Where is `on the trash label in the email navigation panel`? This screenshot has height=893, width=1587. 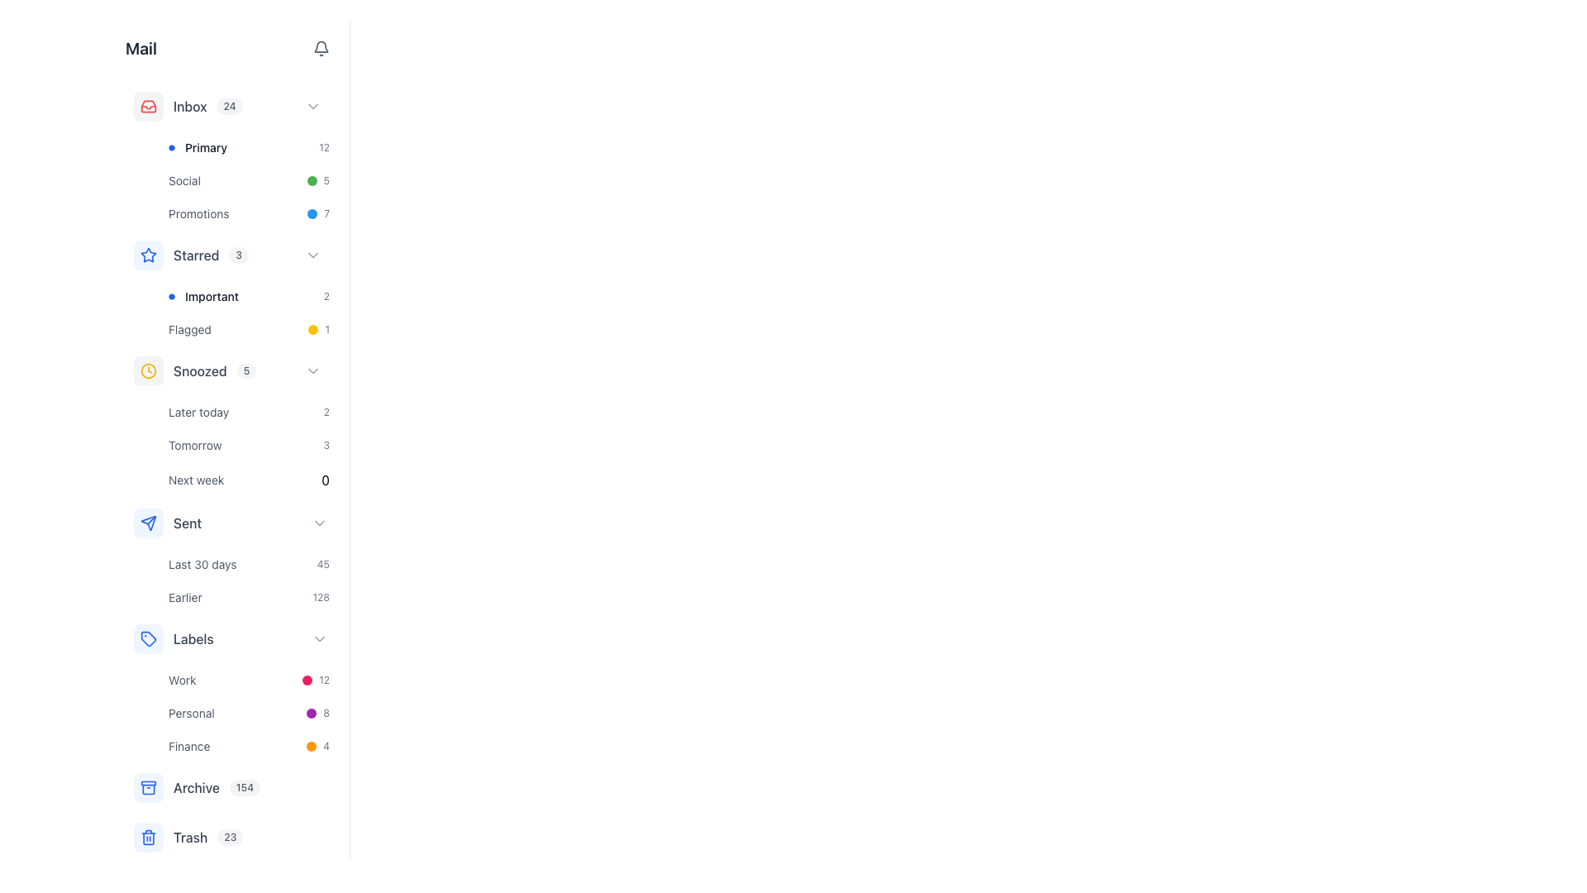
on the trash label in the email navigation panel is located at coordinates (190, 838).